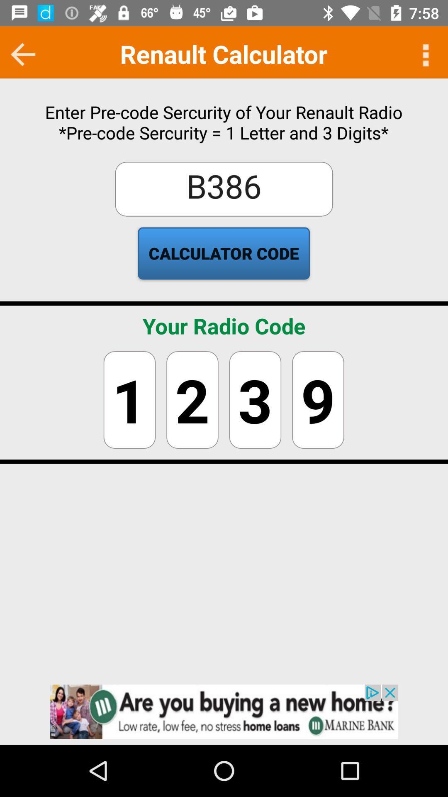 The width and height of the screenshot is (448, 797). What do you see at coordinates (23, 54) in the screenshot?
I see `the back arrow icon` at bounding box center [23, 54].